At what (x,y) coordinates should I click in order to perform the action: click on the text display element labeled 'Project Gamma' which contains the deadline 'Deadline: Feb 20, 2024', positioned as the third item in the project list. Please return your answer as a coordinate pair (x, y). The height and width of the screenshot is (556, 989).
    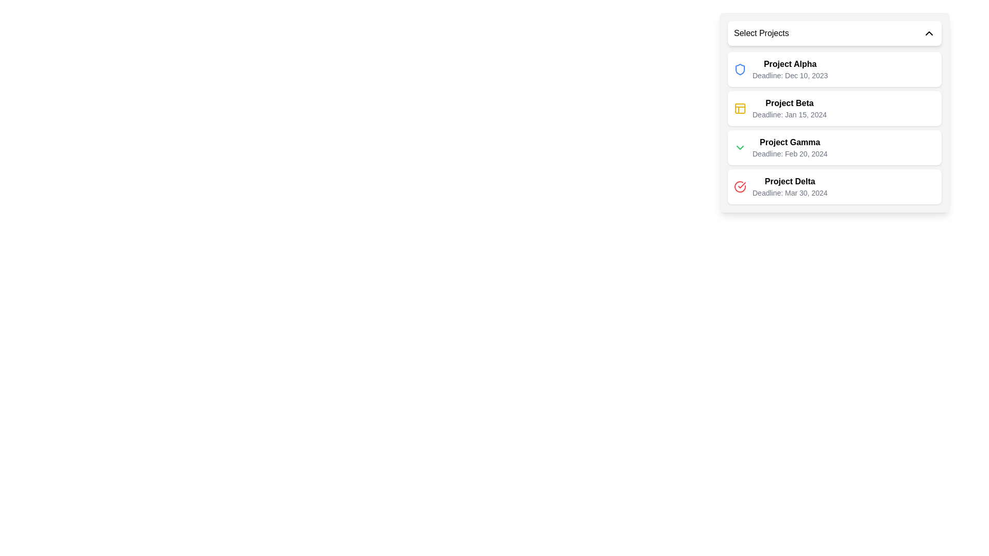
    Looking at the image, I should click on (789, 147).